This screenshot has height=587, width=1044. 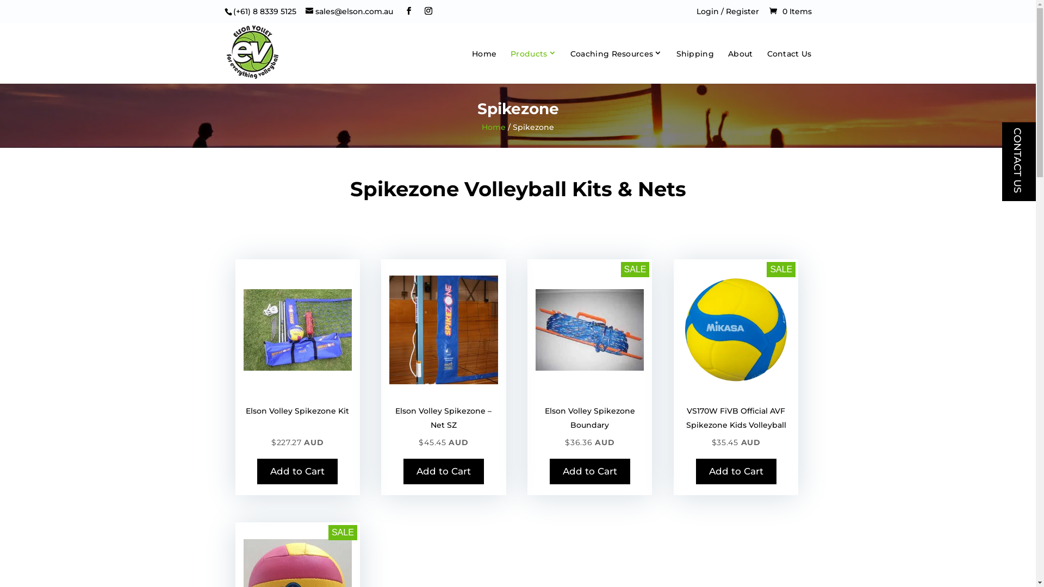 I want to click on 'Add to Cart', so click(x=297, y=471).